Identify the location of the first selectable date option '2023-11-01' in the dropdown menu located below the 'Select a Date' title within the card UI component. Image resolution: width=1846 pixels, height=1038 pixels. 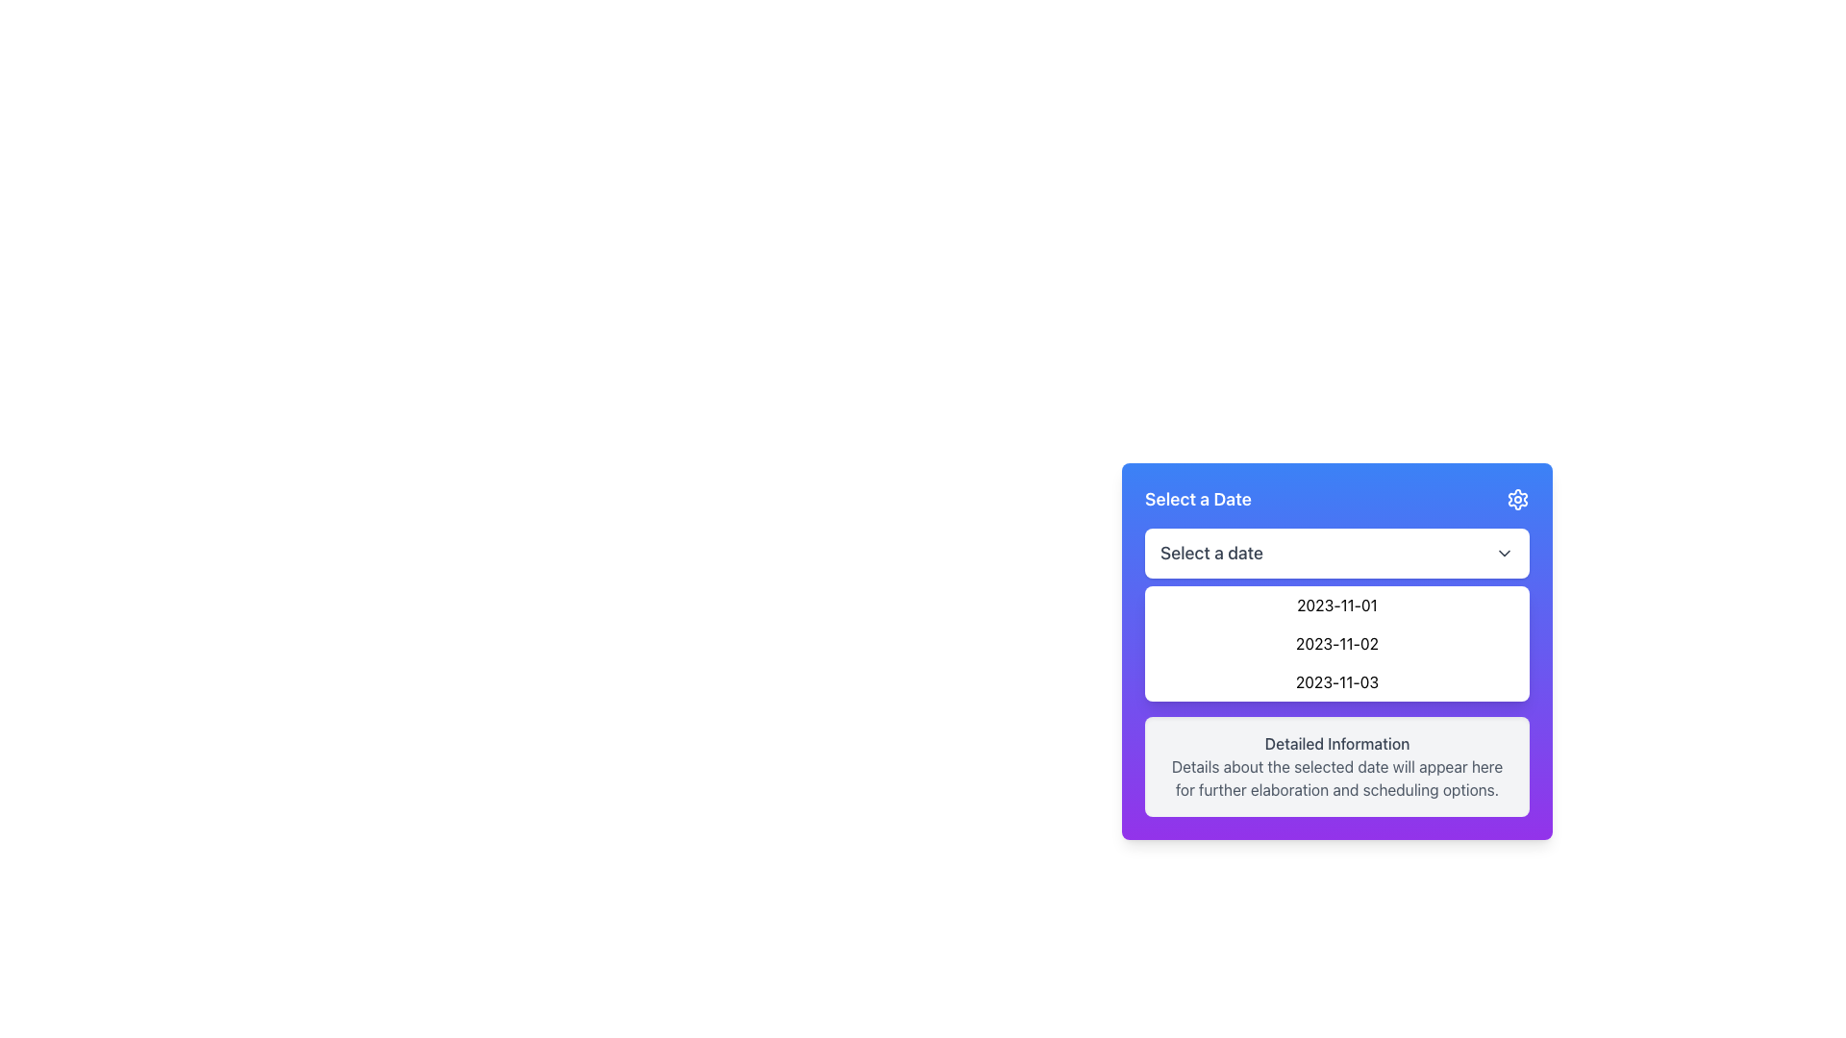
(1336, 615).